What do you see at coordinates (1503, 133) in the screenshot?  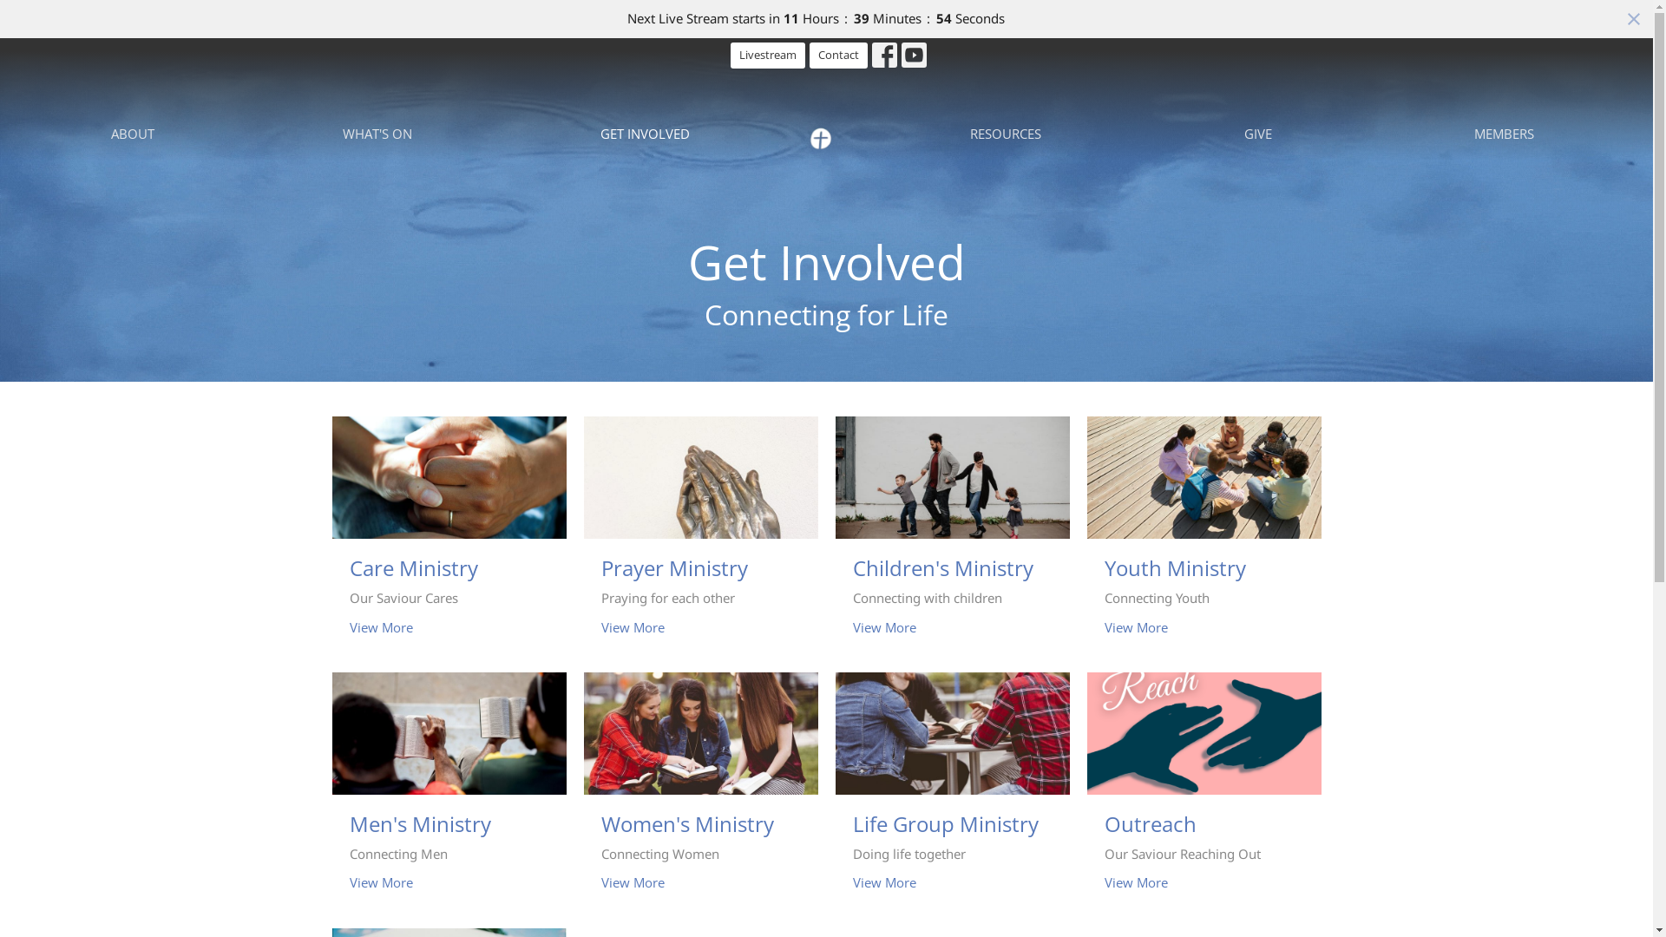 I see `'MEMBERS'` at bounding box center [1503, 133].